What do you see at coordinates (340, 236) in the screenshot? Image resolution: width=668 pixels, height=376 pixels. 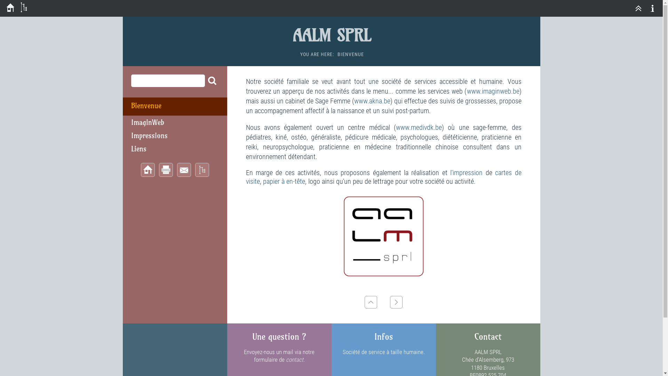 I see `'Logo10x10.jpg'` at bounding box center [340, 236].